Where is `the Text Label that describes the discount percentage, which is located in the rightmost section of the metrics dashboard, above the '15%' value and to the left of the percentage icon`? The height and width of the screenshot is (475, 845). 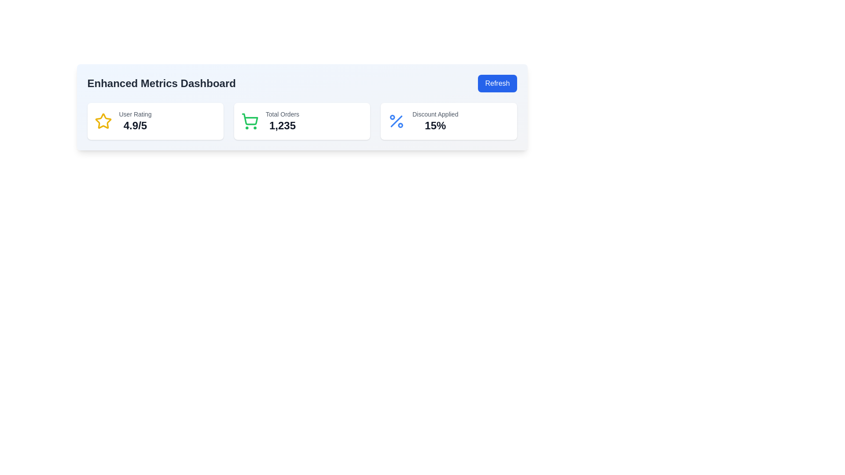 the Text Label that describes the discount percentage, which is located in the rightmost section of the metrics dashboard, above the '15%' value and to the left of the percentage icon is located at coordinates (435, 113).